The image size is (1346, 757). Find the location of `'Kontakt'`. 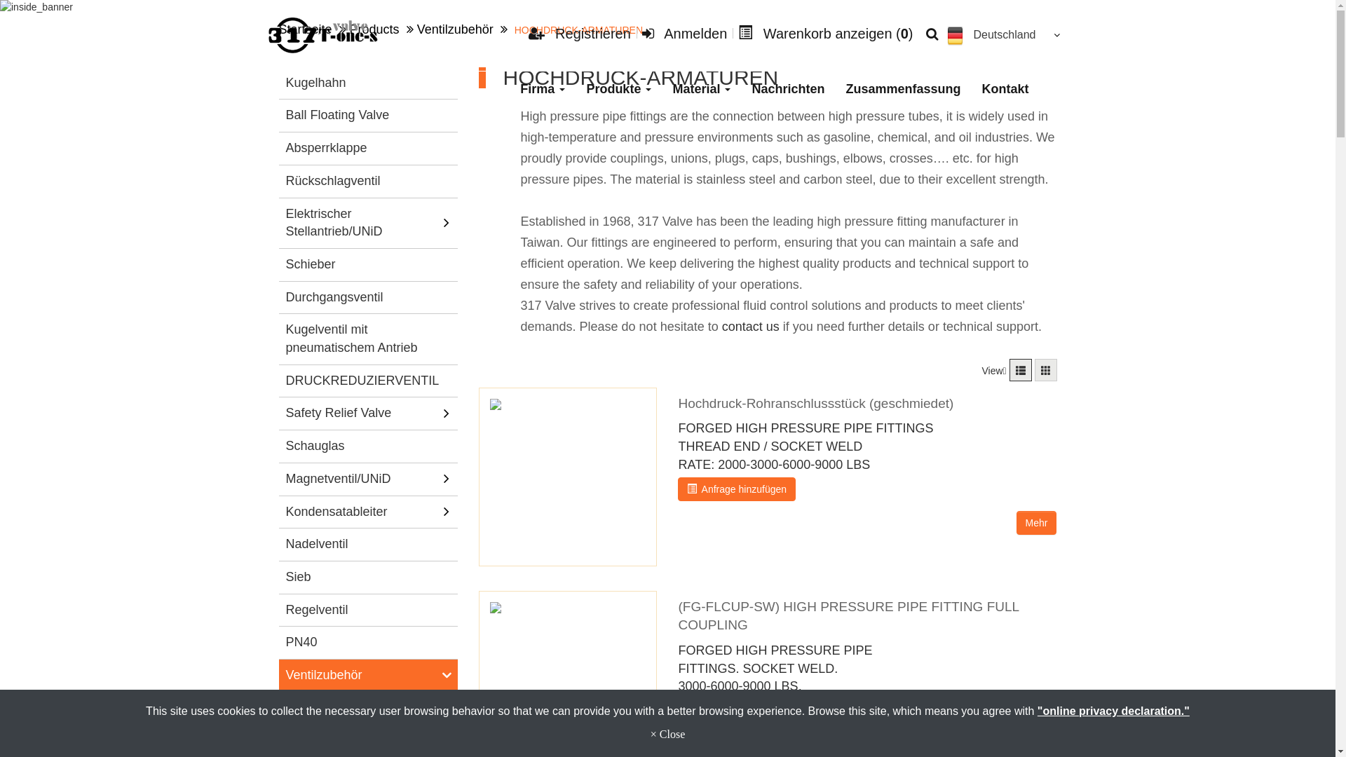

'Kontakt' is located at coordinates (1005, 89).